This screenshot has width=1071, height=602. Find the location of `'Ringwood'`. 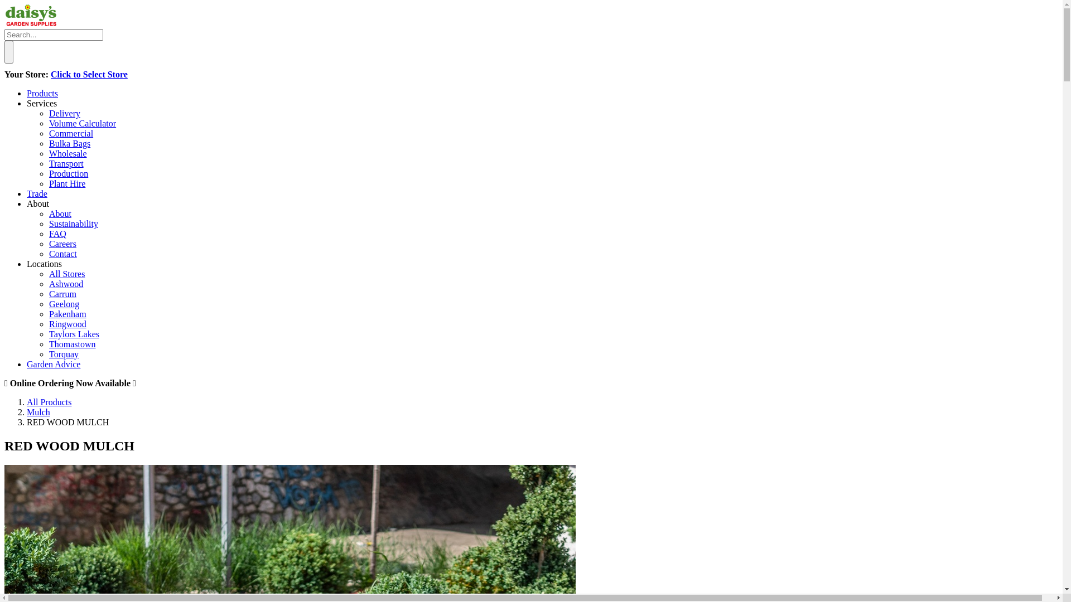

'Ringwood' is located at coordinates (48, 324).